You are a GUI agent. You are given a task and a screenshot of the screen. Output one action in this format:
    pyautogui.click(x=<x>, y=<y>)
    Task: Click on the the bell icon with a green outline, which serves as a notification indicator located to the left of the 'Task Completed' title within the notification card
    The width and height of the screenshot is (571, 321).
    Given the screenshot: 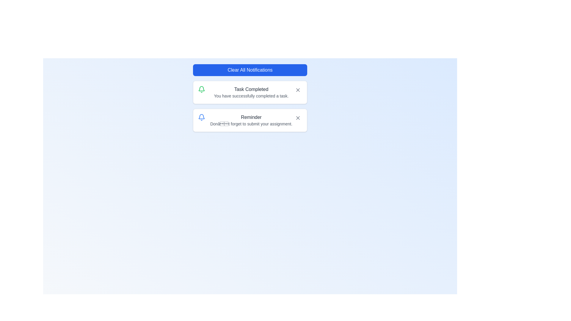 What is the action you would take?
    pyautogui.click(x=201, y=89)
    